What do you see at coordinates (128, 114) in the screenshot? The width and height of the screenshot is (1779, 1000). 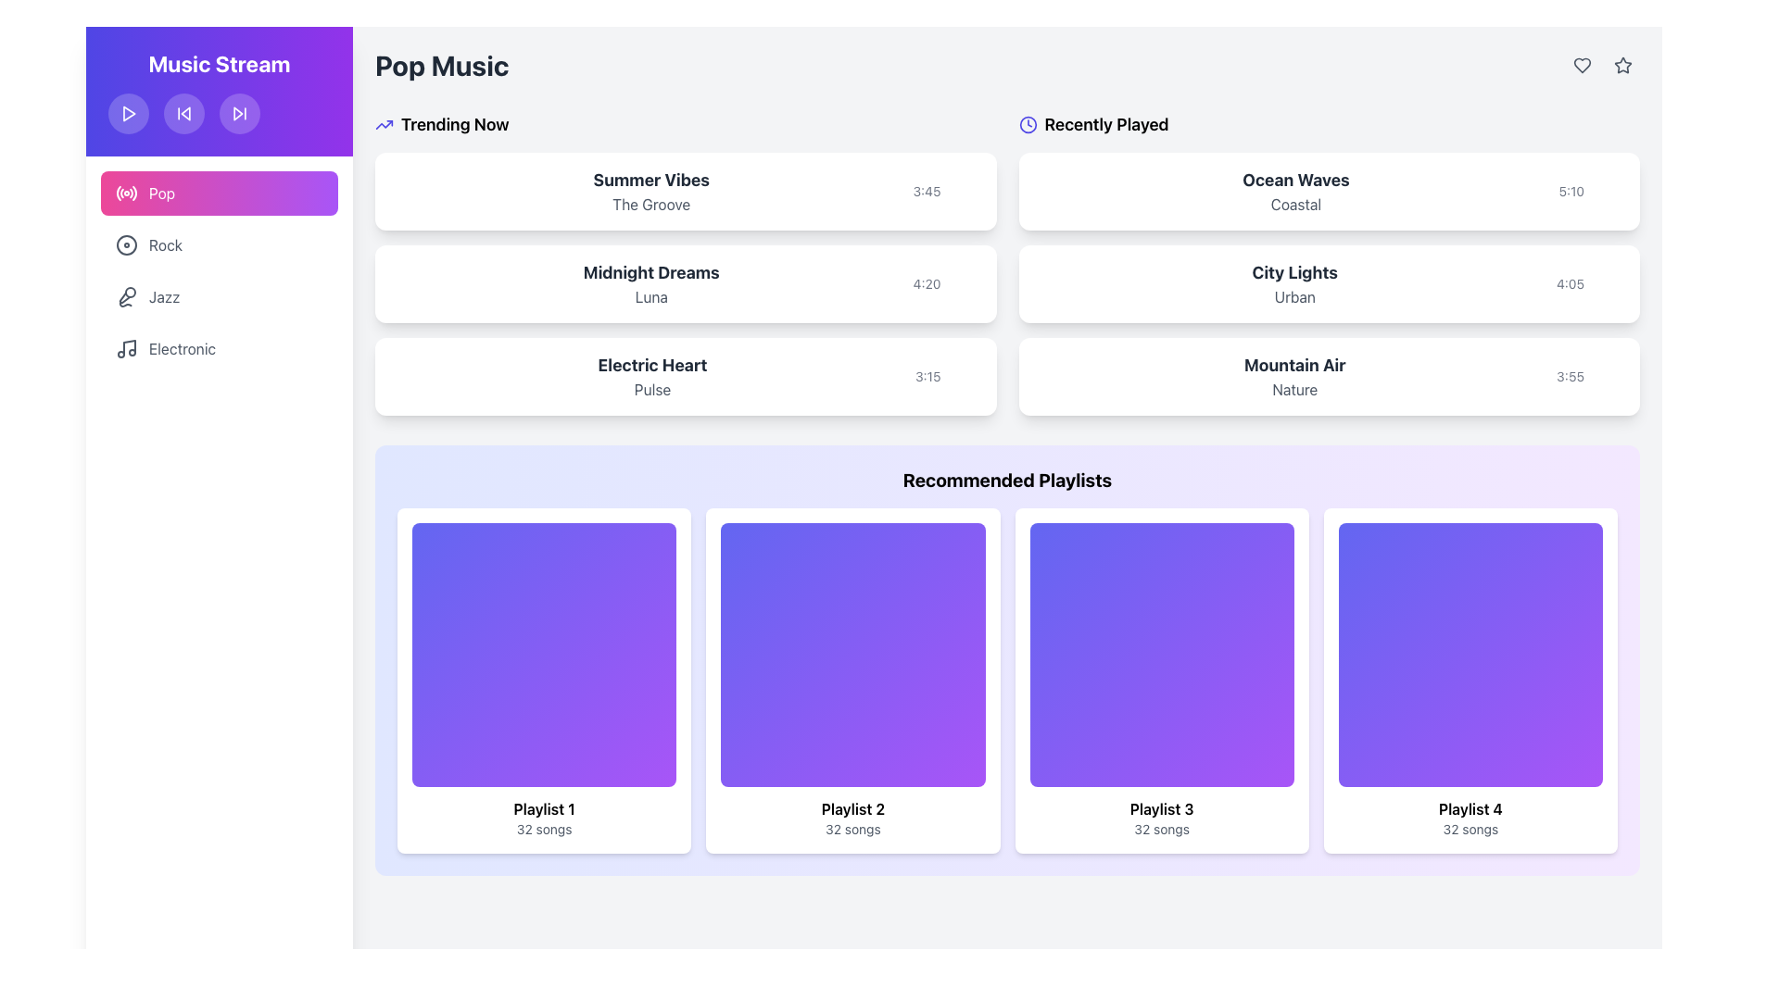 I see `the triangular play icon button located in the top-left section of the interface, inside the sidebar, which has a hollow outline and is the first of three circular buttons` at bounding box center [128, 114].